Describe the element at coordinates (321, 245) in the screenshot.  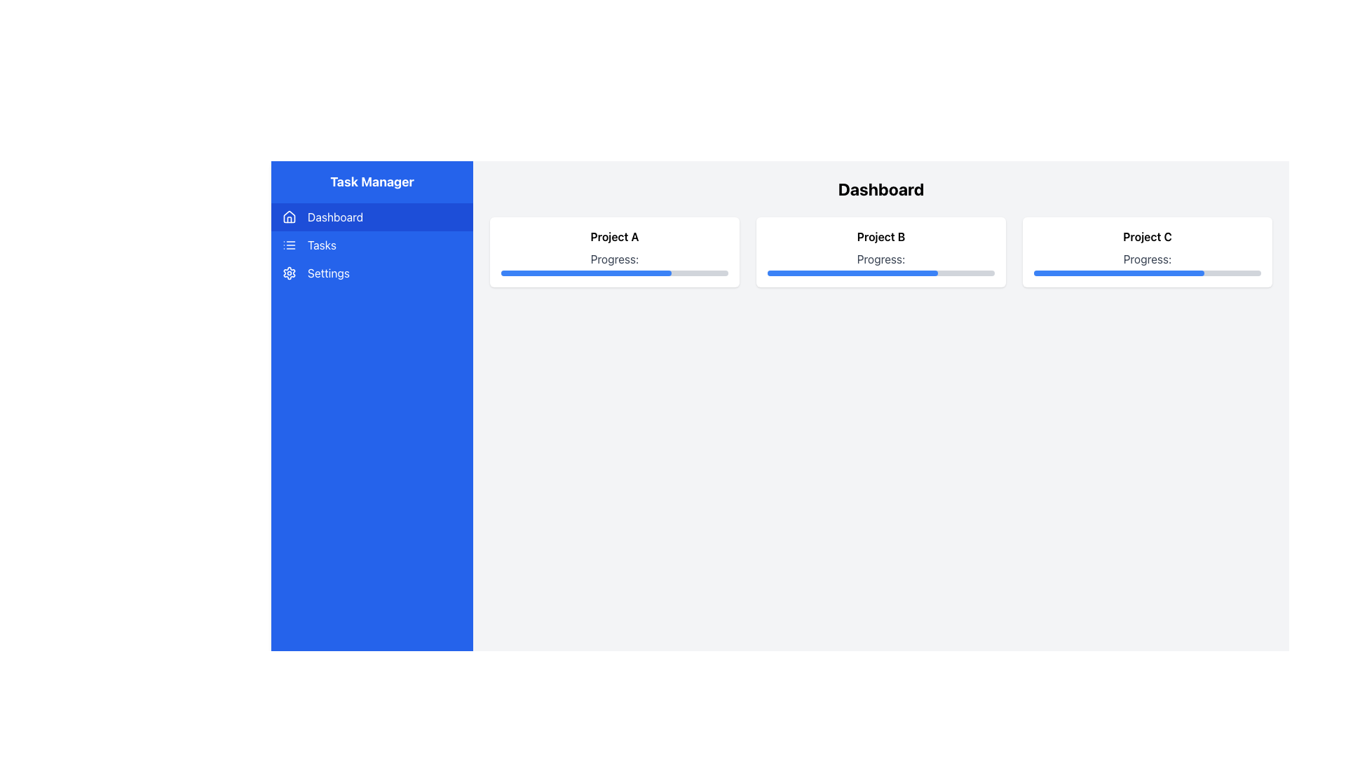
I see `the 'Tasks' text label located in the sidebar, which is displayed in white text on a blue background` at that location.